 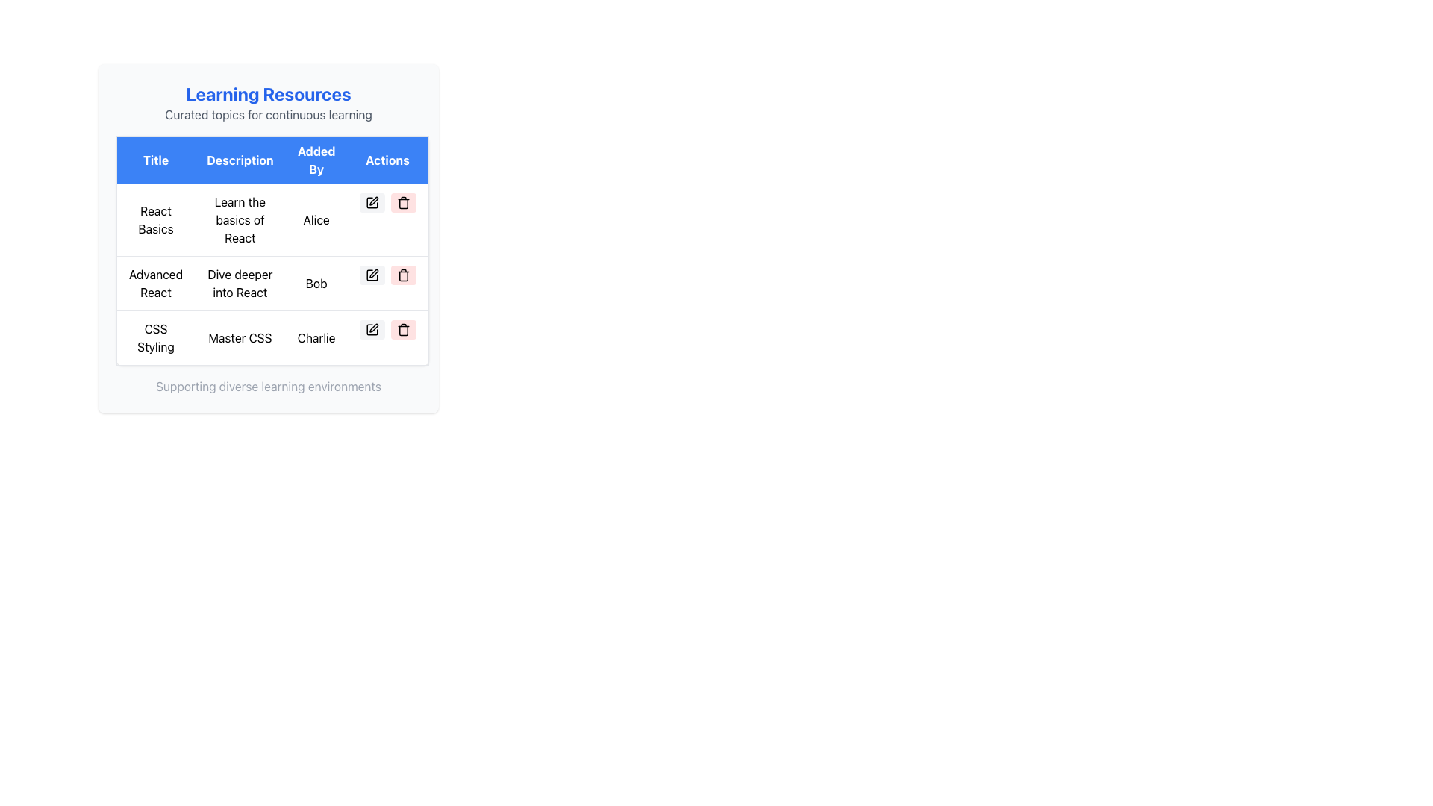 I want to click on the delete button with a red background and trash can icon in the 'Actions' column of the 'React Basics' entry to observe the hover effect, so click(x=403, y=203).